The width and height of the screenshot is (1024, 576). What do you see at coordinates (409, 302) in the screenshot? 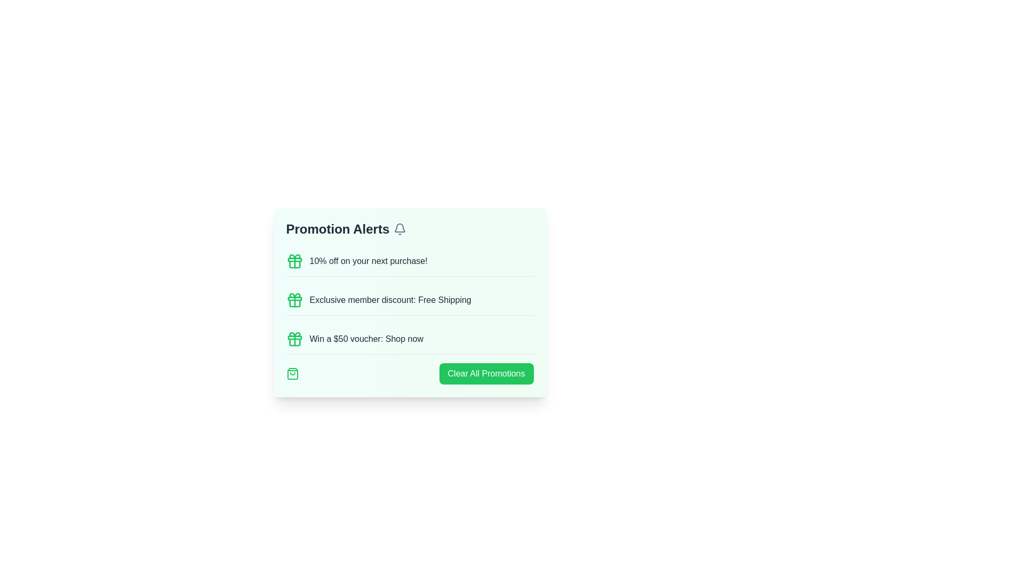
I see `the second promotional item in the 'Promotion Alerts' section, which showcases 'Exclusive member discount: Free Shipping', represented by a bold green gift box icon` at bounding box center [409, 302].